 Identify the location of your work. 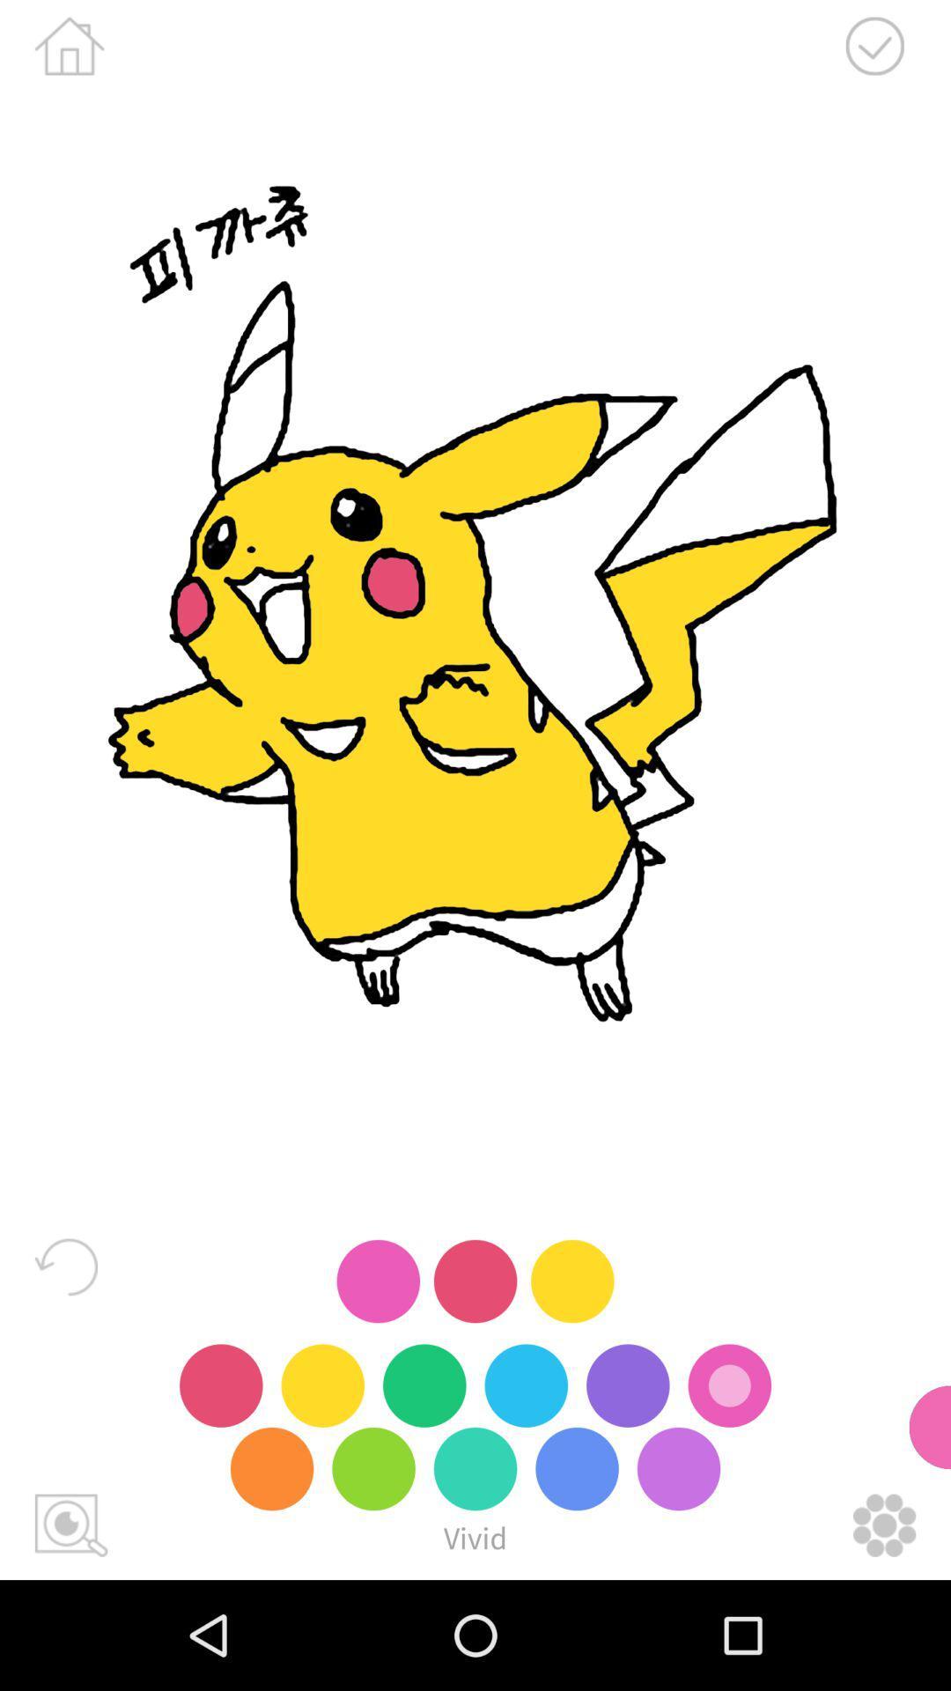
(874, 46).